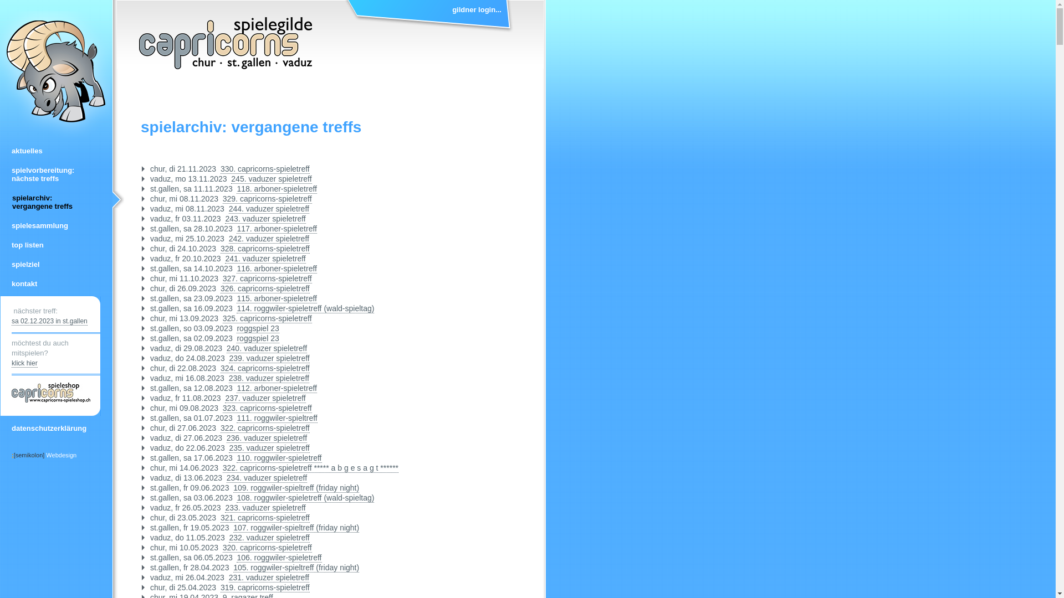 This screenshot has height=598, width=1064. Describe the element at coordinates (269, 577) in the screenshot. I see `'231. vaduzer spieletreff'` at that location.